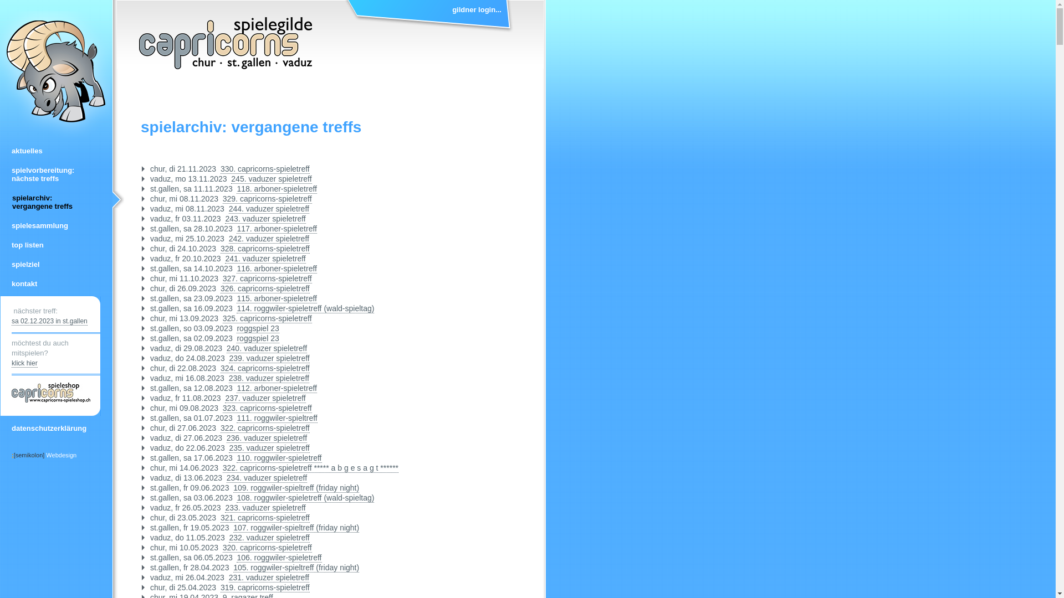 This screenshot has height=598, width=1064. Describe the element at coordinates (269, 577) in the screenshot. I see `'231. vaduzer spieletreff'` at that location.